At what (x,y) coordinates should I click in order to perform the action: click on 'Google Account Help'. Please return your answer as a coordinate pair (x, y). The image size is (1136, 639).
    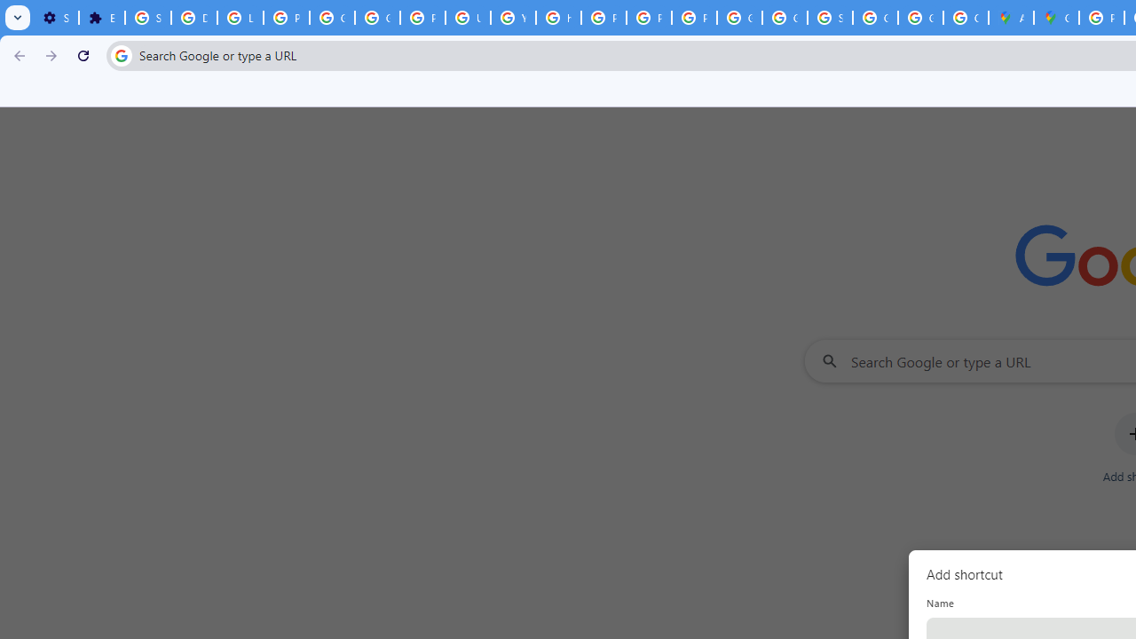
    Looking at the image, I should click on (333, 18).